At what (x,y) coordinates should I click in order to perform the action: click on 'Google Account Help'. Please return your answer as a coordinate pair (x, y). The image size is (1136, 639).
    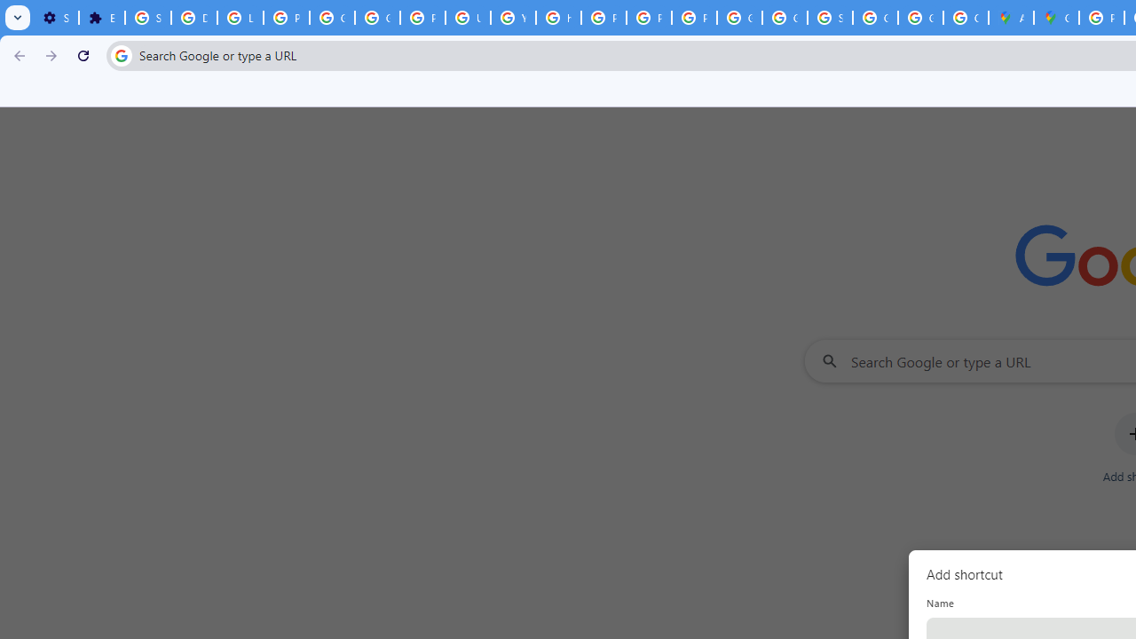
    Looking at the image, I should click on (333, 18).